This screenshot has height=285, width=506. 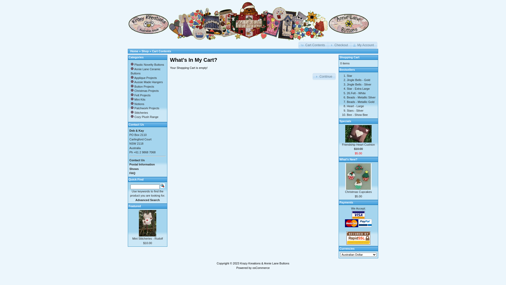 What do you see at coordinates (138, 99) in the screenshot?
I see `' Mini Kits'` at bounding box center [138, 99].